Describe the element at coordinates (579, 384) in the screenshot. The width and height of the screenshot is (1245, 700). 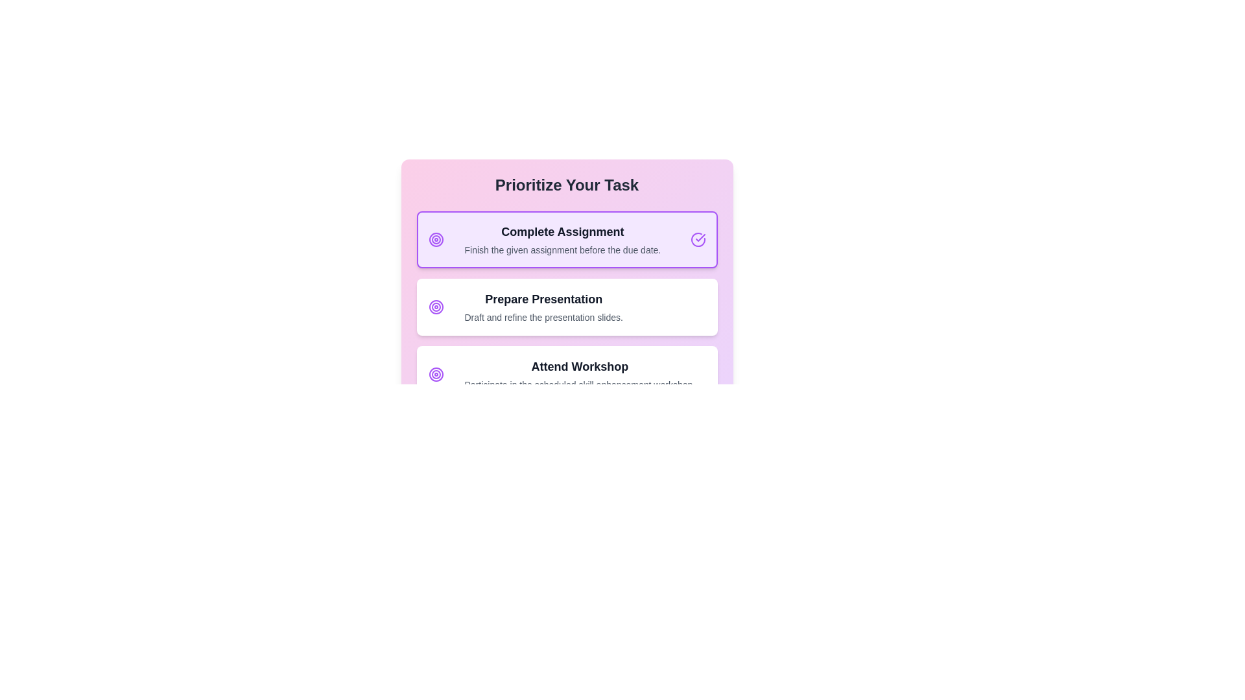
I see `the text label displaying 'Participate in the scheduled skill enhancement workshop.' located under the heading 'Attend Workshop.'` at that location.